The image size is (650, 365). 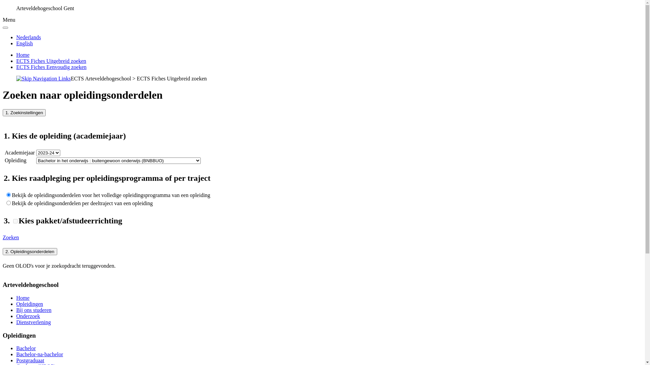 What do you see at coordinates (30, 360) in the screenshot?
I see `'Postgraduaat'` at bounding box center [30, 360].